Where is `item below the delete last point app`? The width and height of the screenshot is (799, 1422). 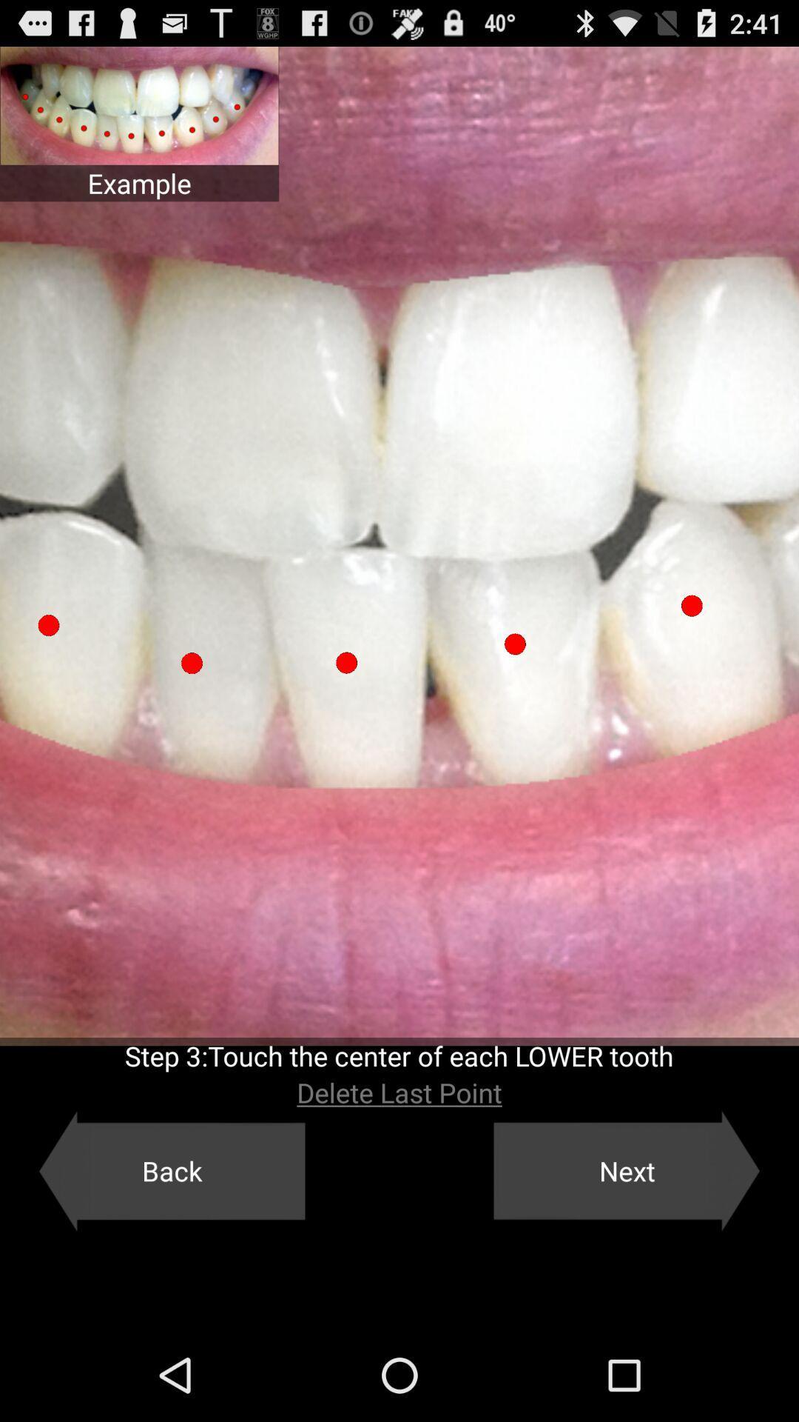
item below the delete last point app is located at coordinates (171, 1170).